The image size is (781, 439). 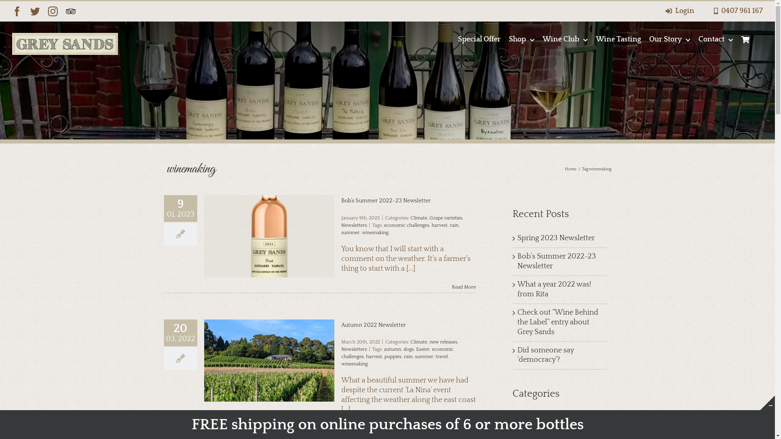 I want to click on 'Wine Club', so click(x=543, y=44).